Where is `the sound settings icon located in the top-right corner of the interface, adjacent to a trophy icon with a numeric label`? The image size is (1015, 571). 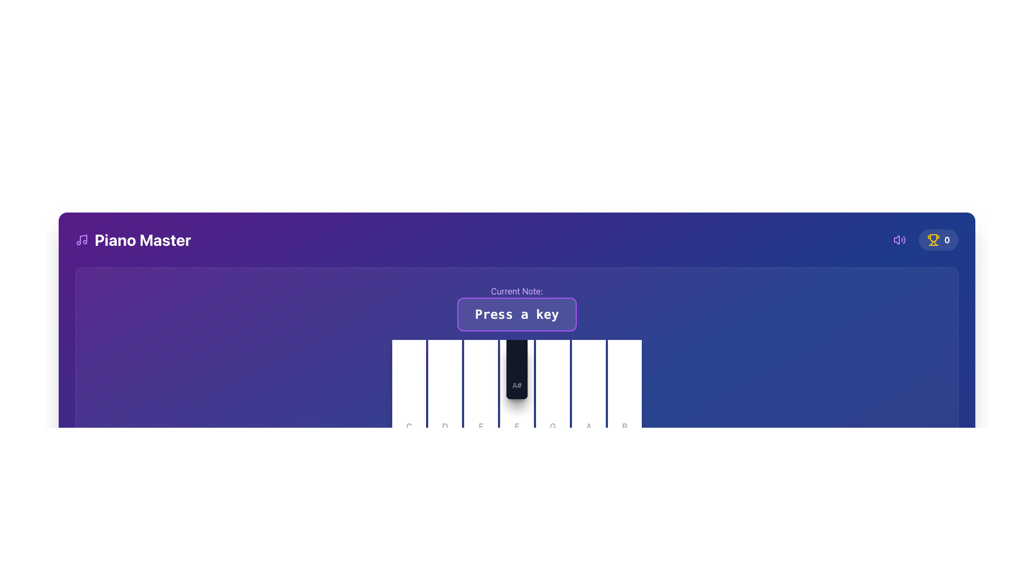
the sound settings icon located in the top-right corner of the interface, adjacent to a trophy icon with a numeric label is located at coordinates (899, 240).